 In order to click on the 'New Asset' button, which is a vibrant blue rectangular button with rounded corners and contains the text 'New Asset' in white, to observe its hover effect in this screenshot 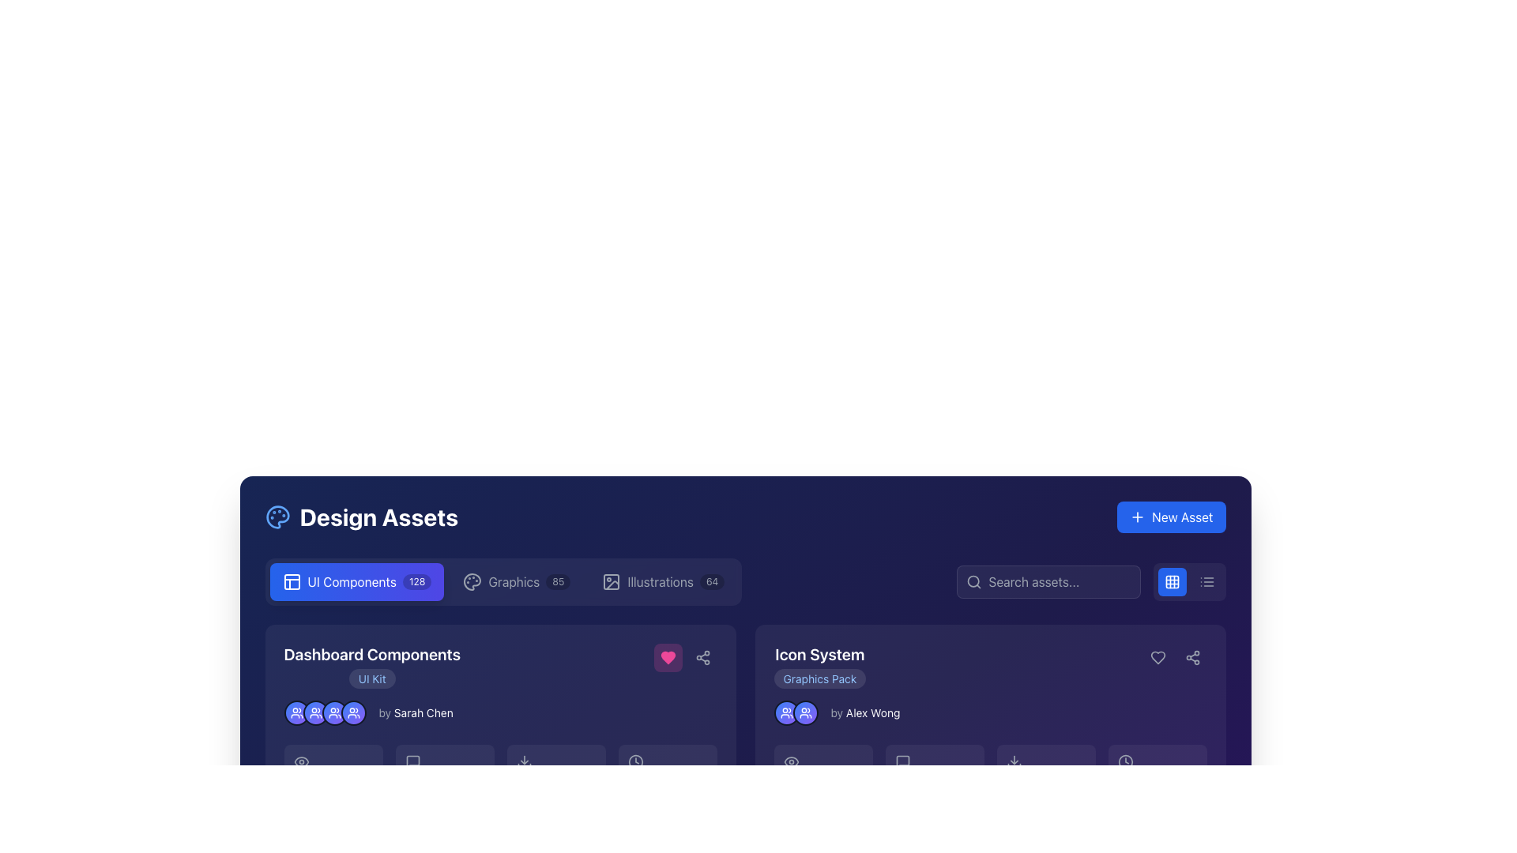, I will do `click(1171, 517)`.